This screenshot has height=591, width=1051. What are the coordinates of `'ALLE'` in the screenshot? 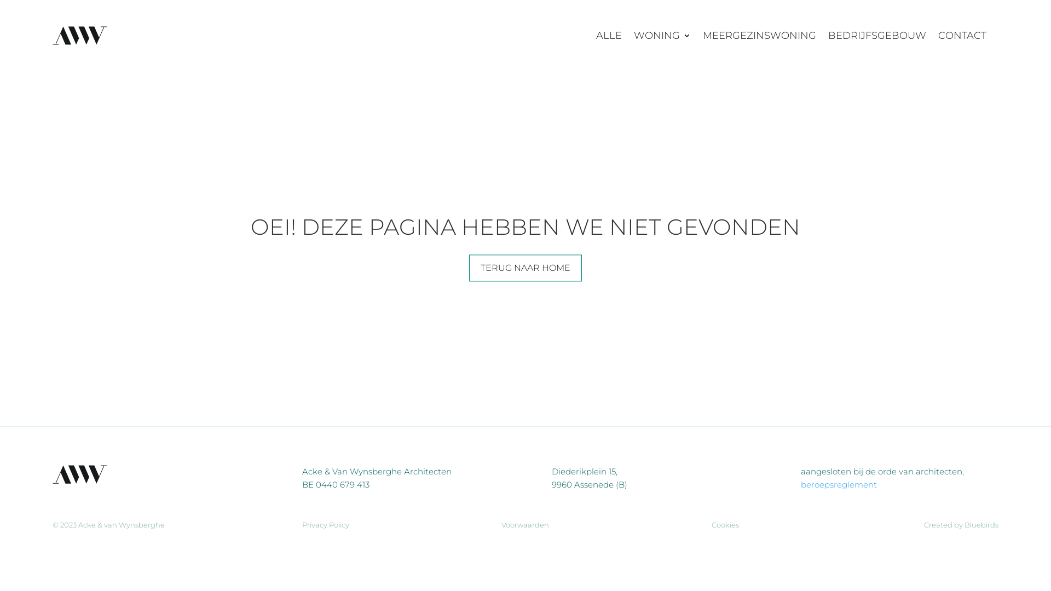 It's located at (608, 35).